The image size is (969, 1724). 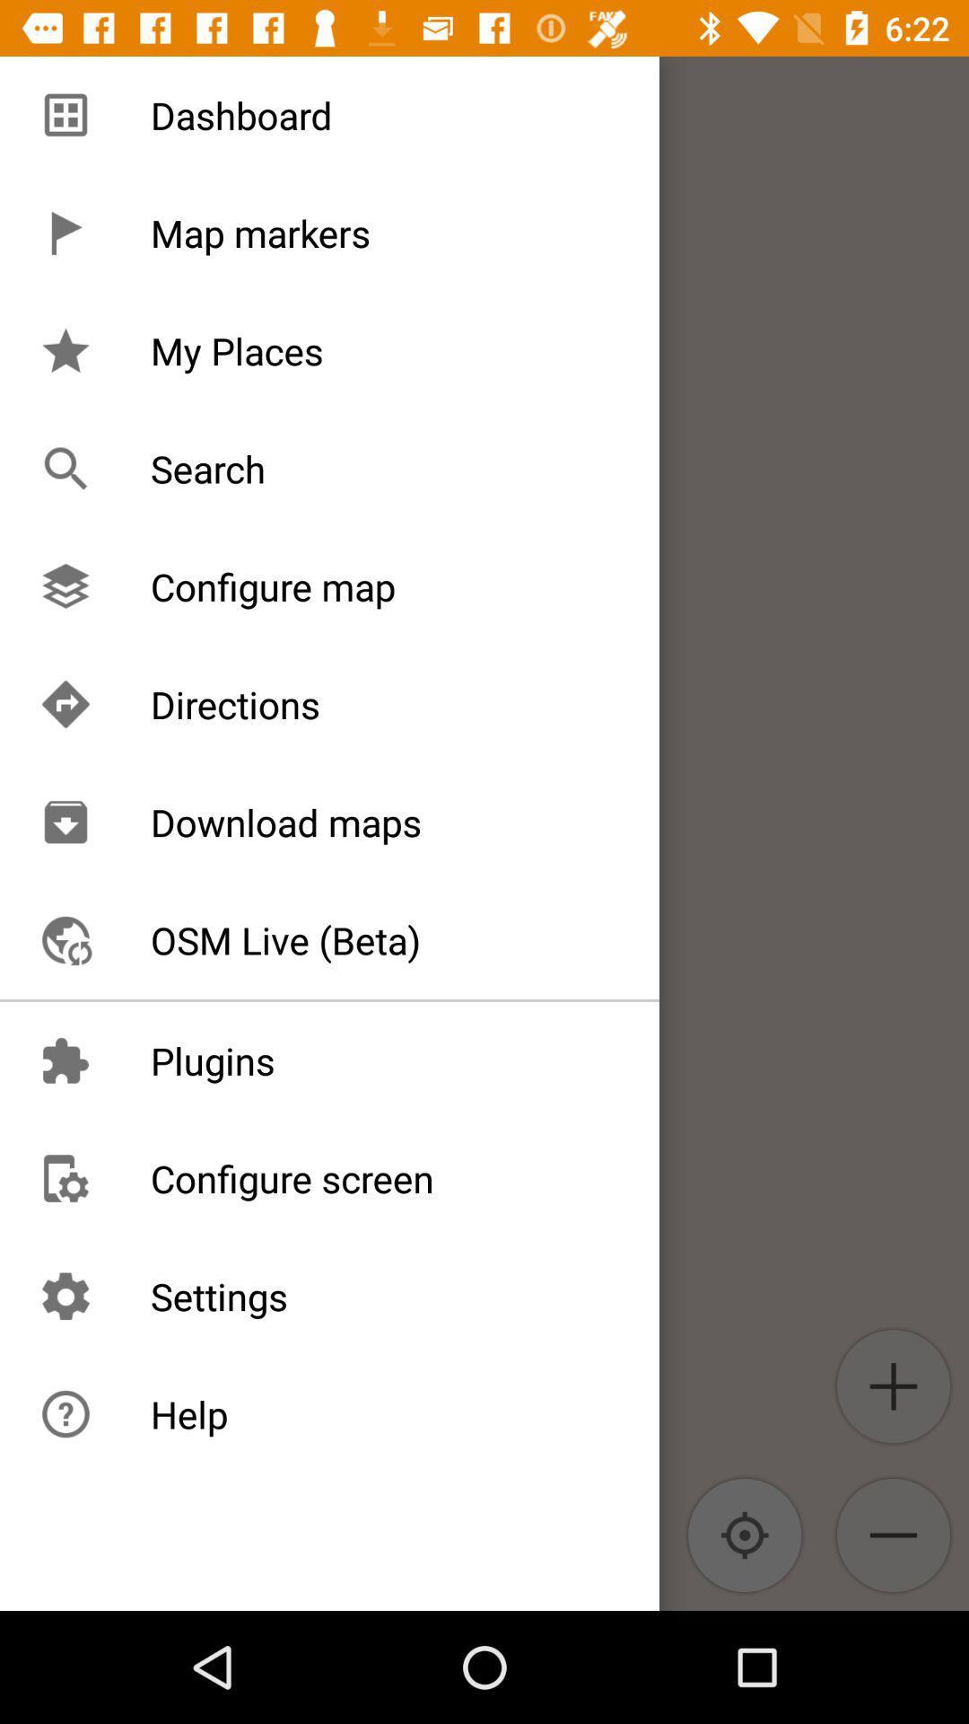 What do you see at coordinates (893, 1385) in the screenshot?
I see `the add icon` at bounding box center [893, 1385].